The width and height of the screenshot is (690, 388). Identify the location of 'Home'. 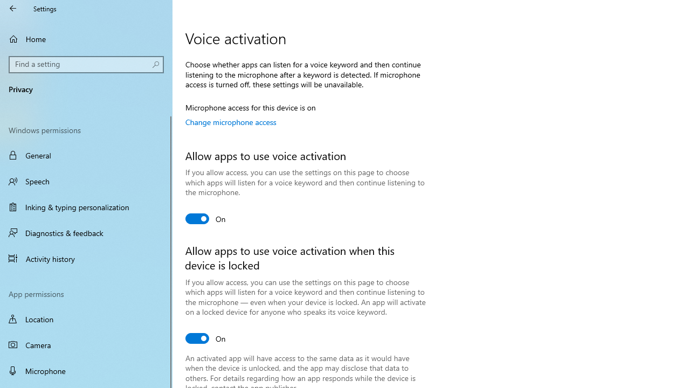
(86, 38).